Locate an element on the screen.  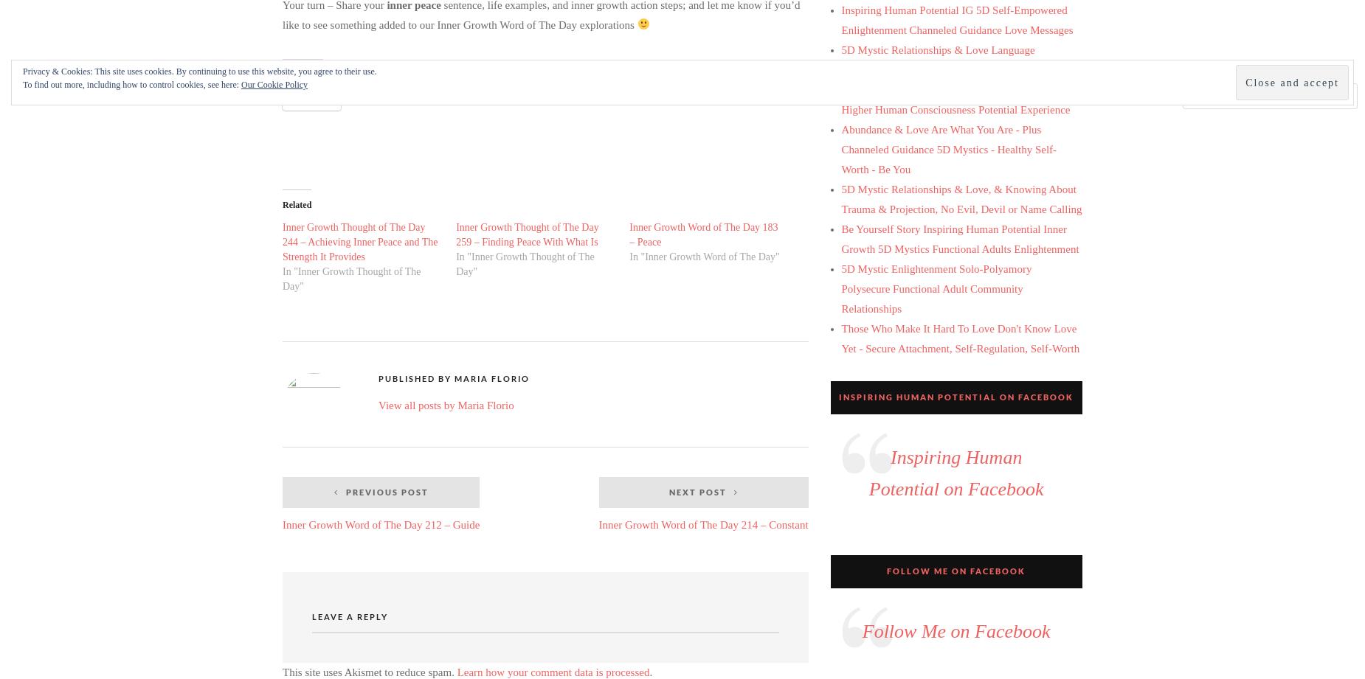
'.' is located at coordinates (651, 671).